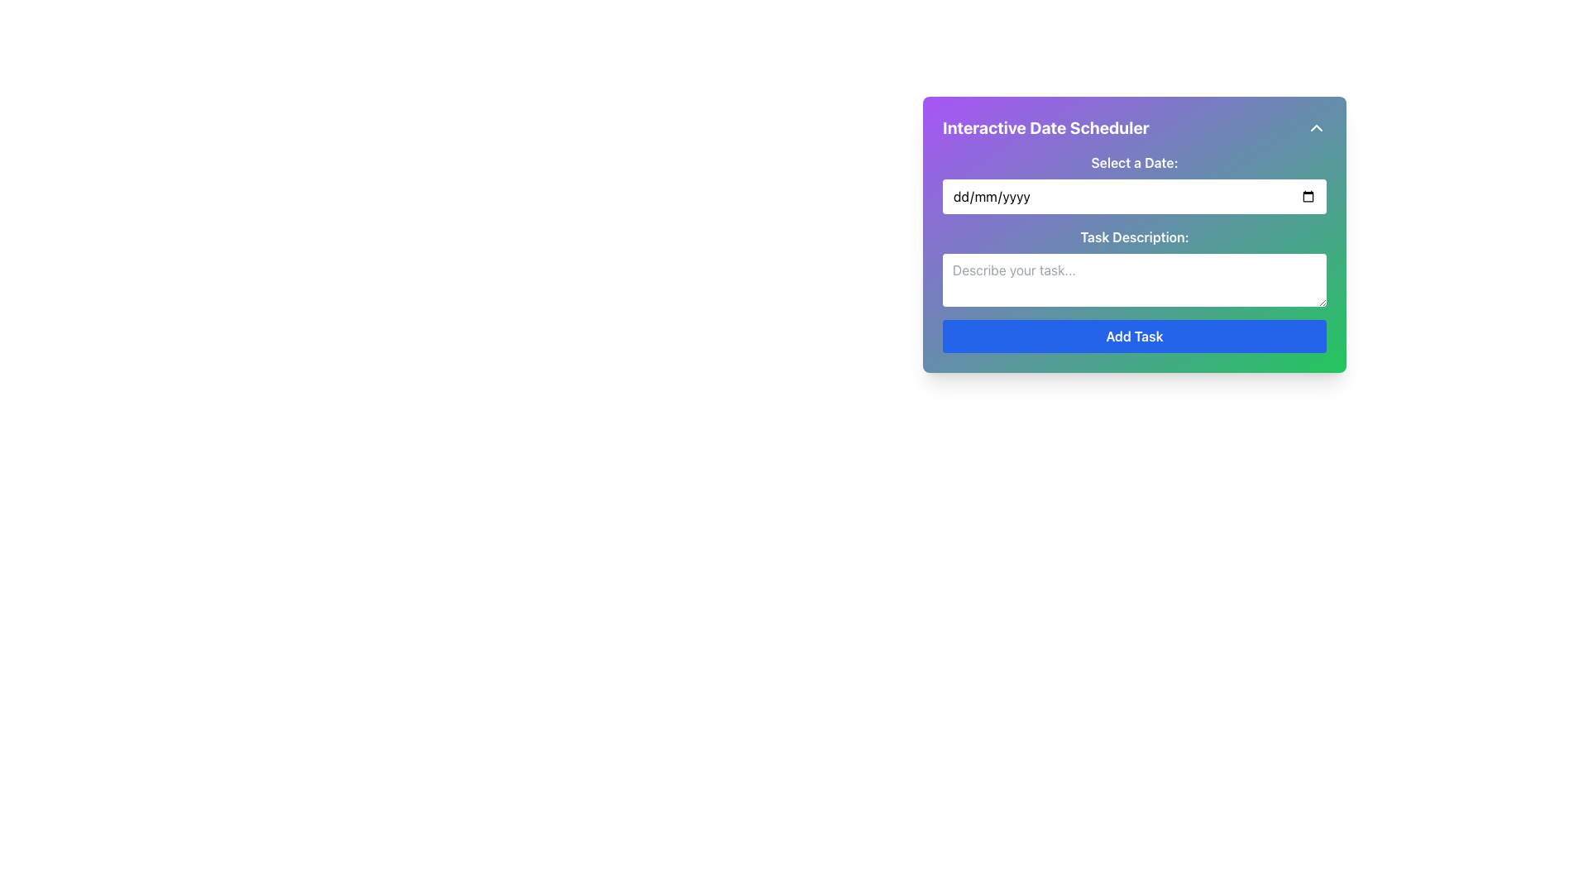 Image resolution: width=1588 pixels, height=893 pixels. What do you see at coordinates (1134, 162) in the screenshot?
I see `the static text label that indicates the associated date input field in the 'Interactive Date Scheduler' panel` at bounding box center [1134, 162].